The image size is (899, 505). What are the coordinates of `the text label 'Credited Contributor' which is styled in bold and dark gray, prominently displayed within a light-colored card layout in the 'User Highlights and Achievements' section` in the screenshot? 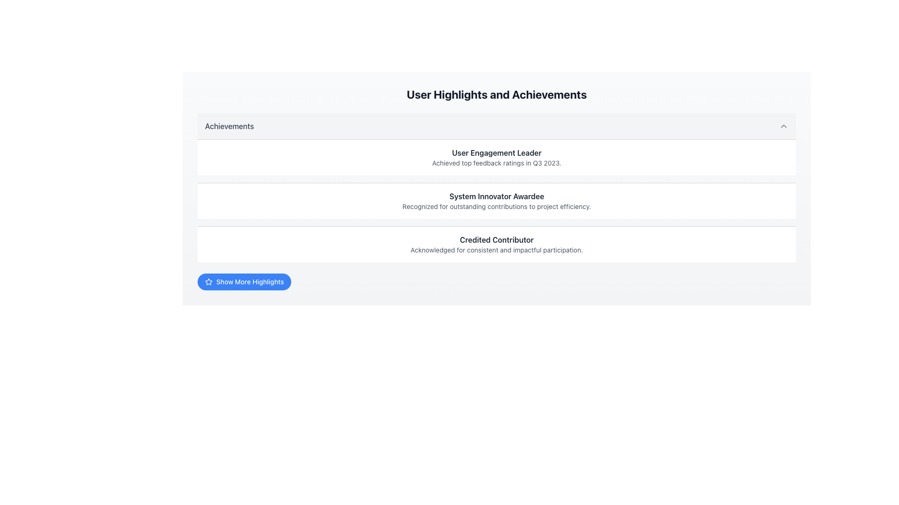 It's located at (496, 239).